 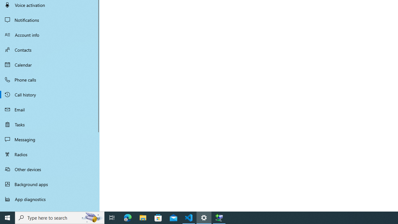 I want to click on 'Call history', so click(x=50, y=95).